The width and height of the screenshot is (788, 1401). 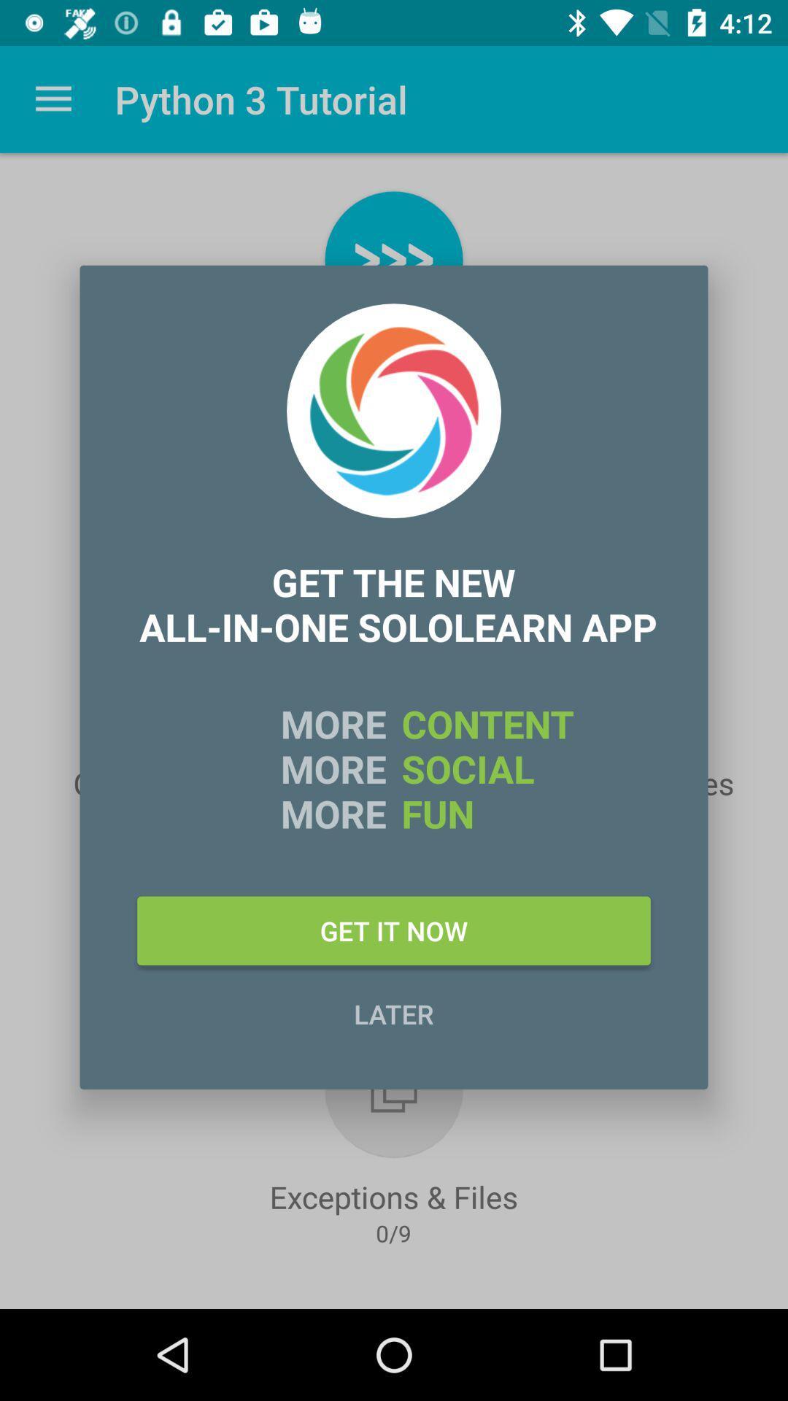 I want to click on the icon at the bottom, so click(x=394, y=1013).